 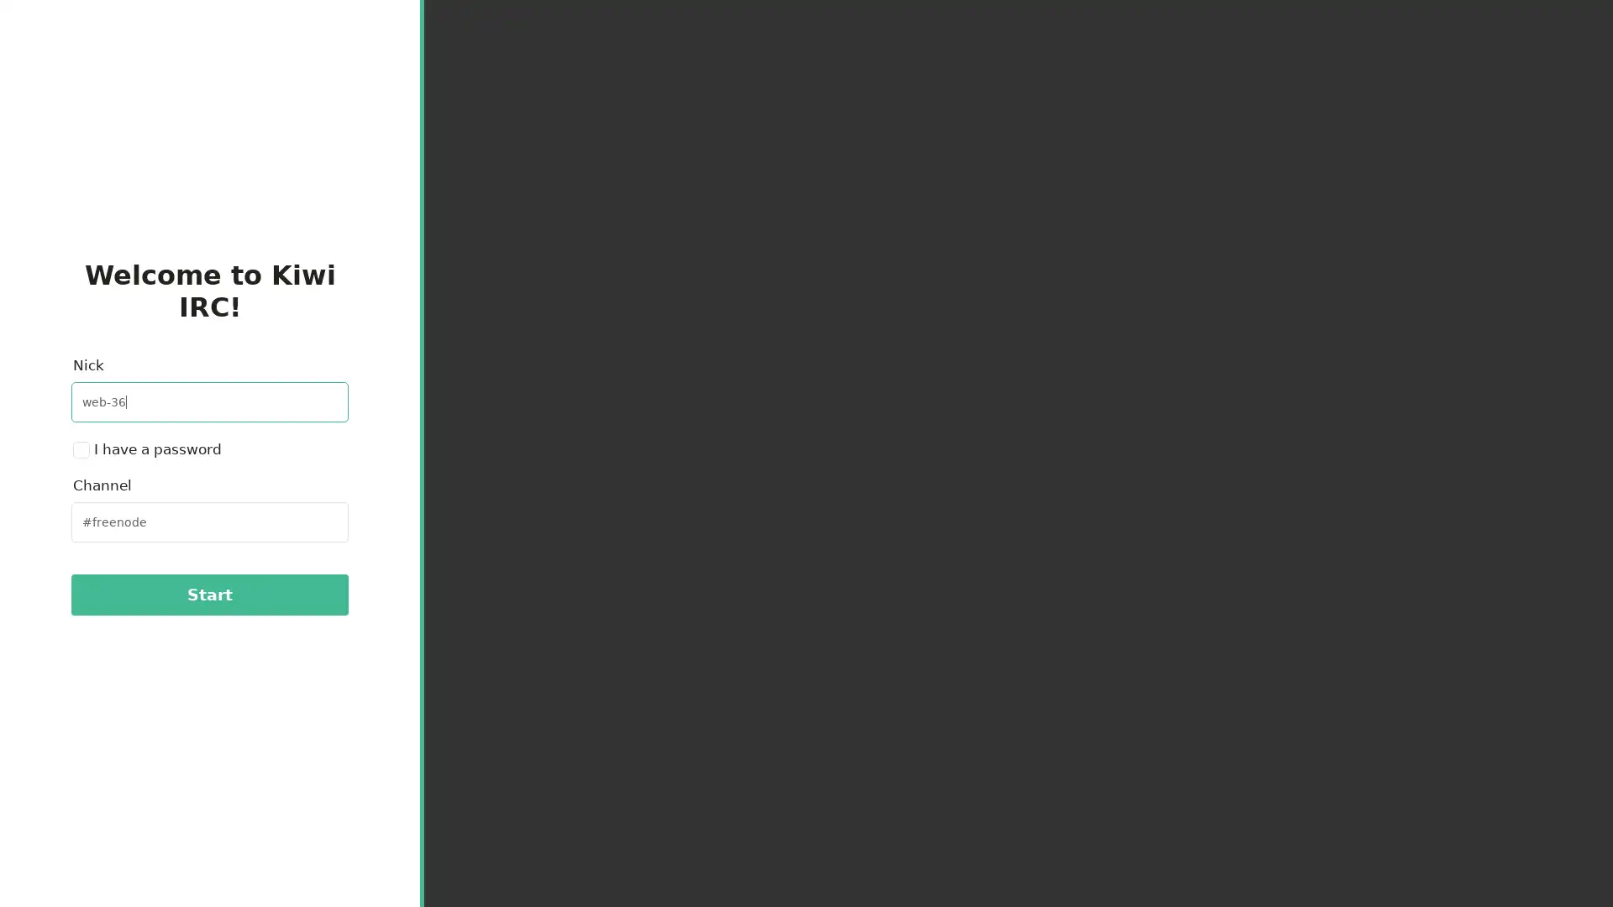 I want to click on Start, so click(x=208, y=594).